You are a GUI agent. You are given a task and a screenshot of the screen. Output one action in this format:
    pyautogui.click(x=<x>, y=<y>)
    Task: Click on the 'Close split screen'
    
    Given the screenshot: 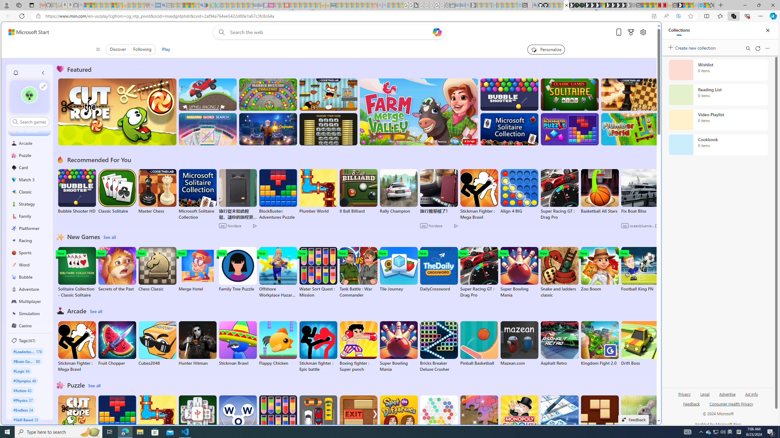 What is the action you would take?
    pyautogui.click(x=647, y=30)
    